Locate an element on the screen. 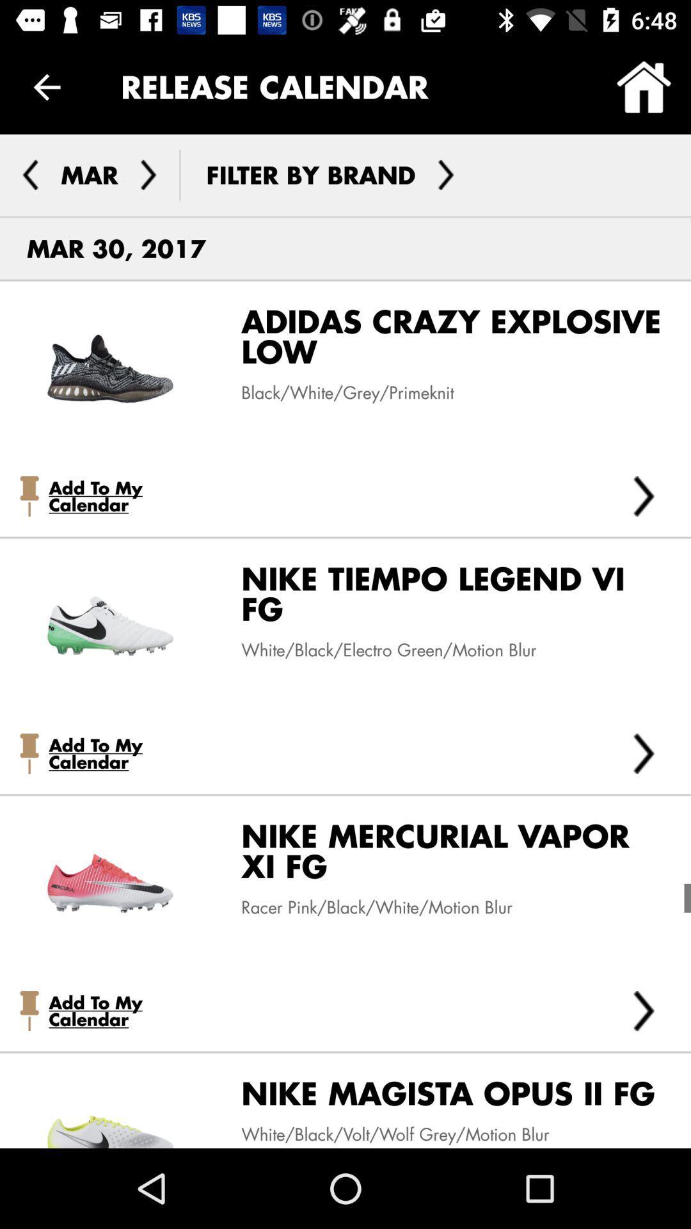 The height and width of the screenshot is (1229, 691). racer pink black is located at coordinates (367, 906).